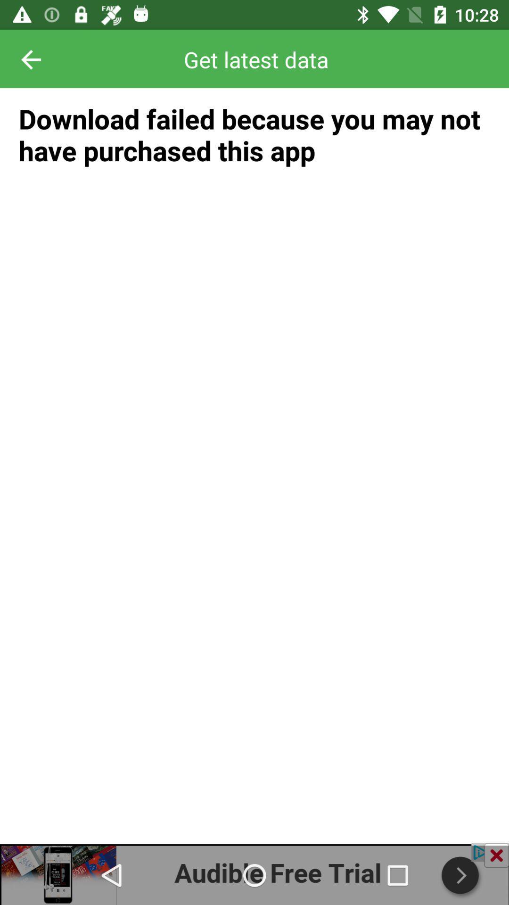  I want to click on the close icon, so click(496, 855).